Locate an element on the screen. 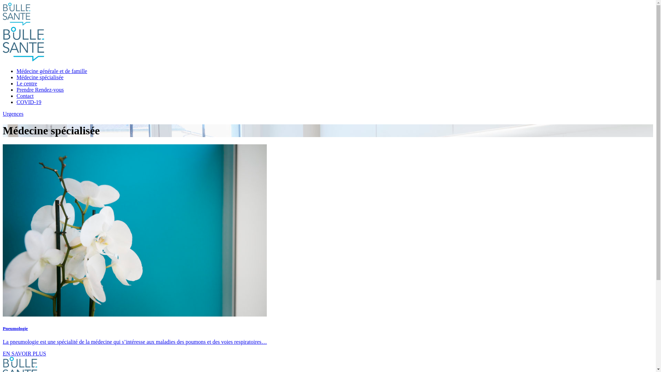  'Contact' is located at coordinates (25, 96).